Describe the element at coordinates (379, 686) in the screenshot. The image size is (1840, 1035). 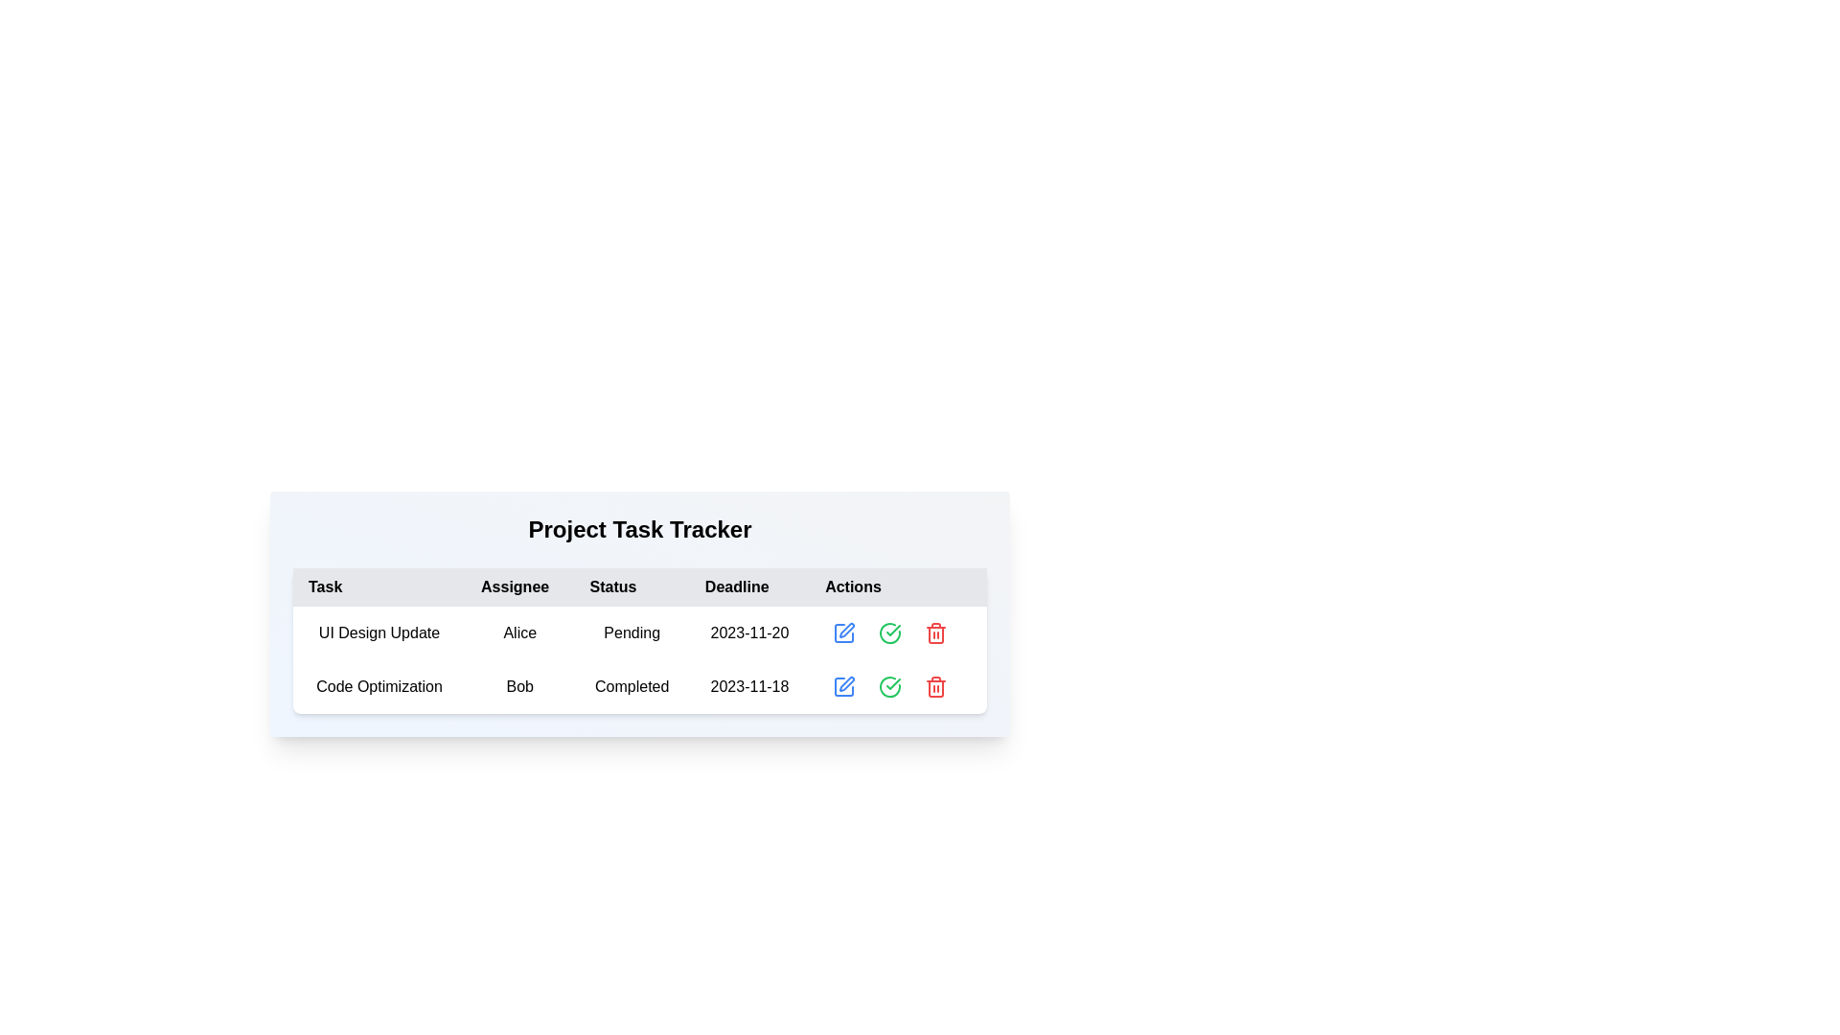
I see `the text label representing the task name in the second row of the 'Project Task Tracker' table, located under the 'Task' column adjacent to 'Assignee' column text 'Bob'` at that location.